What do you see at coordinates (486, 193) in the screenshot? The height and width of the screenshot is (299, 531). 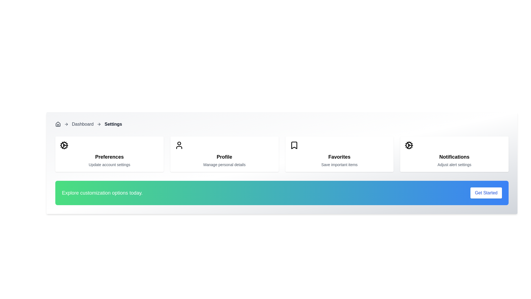 I see `the 'Get Started' button located in the bottom-right corner of the gradient-colored section to initiate the action` at bounding box center [486, 193].